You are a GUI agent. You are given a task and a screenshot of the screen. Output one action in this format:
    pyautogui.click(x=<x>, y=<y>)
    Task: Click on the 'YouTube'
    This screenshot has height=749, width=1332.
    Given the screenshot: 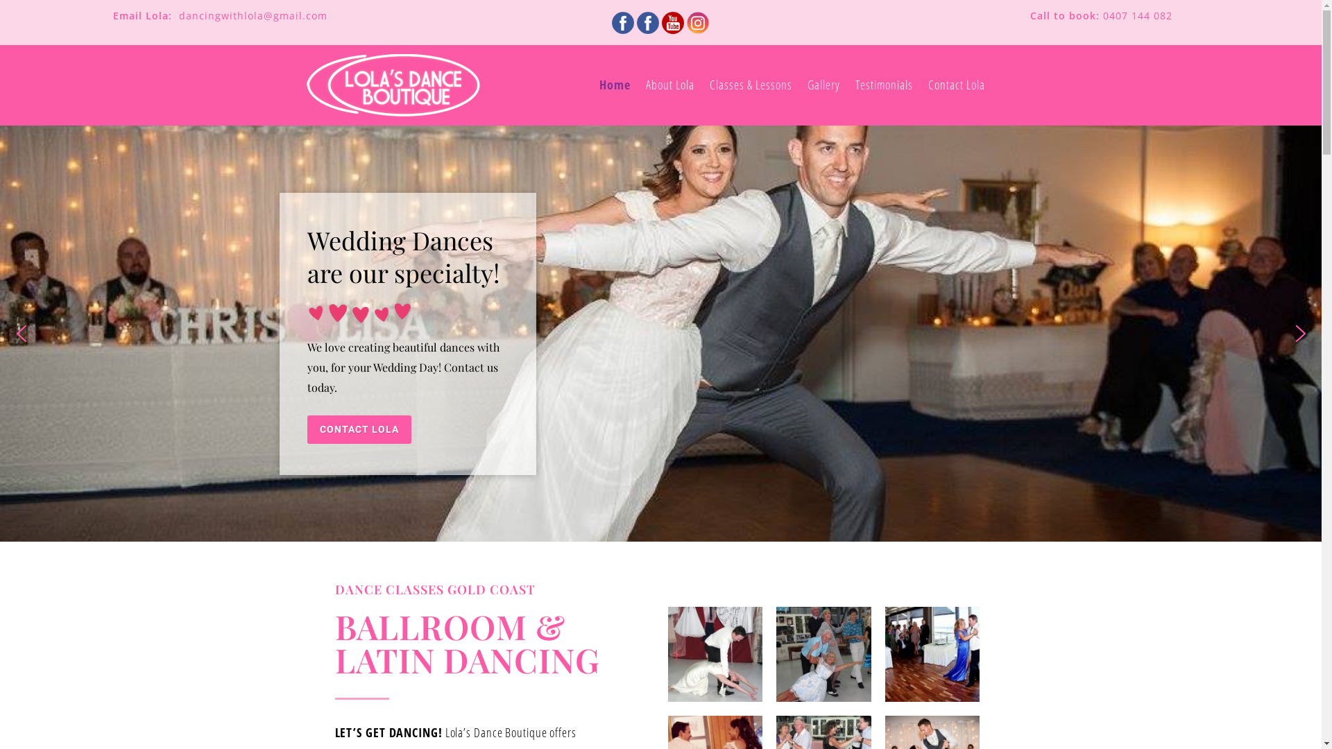 What is the action you would take?
    pyautogui.click(x=672, y=21)
    